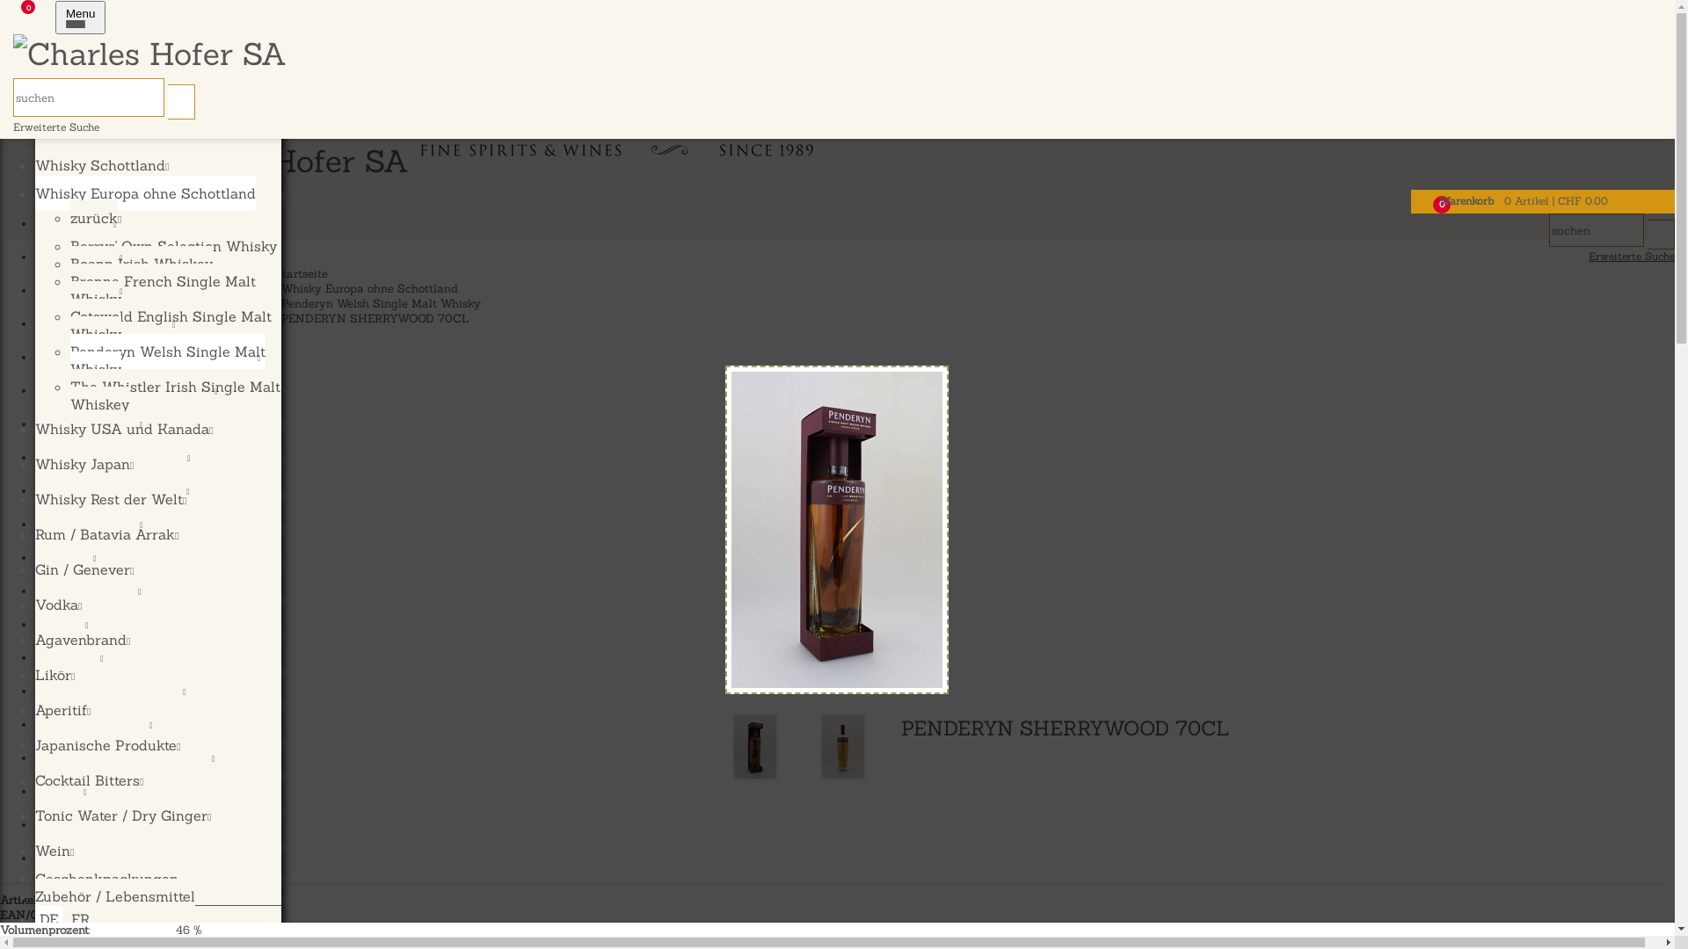 The width and height of the screenshot is (1688, 949). I want to click on 'Vodka', so click(58, 603).